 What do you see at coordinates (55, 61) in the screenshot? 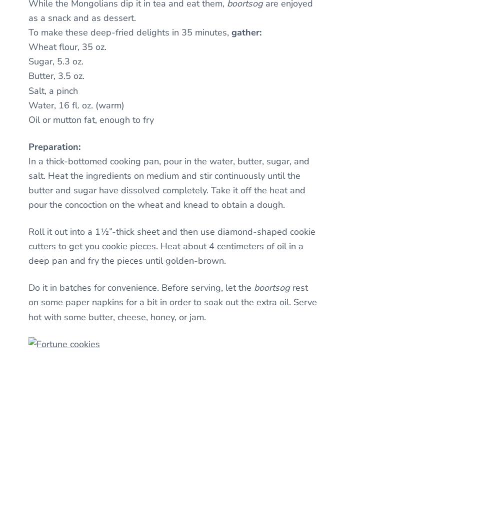
I see `'Sugar, 5.3 oz.'` at bounding box center [55, 61].